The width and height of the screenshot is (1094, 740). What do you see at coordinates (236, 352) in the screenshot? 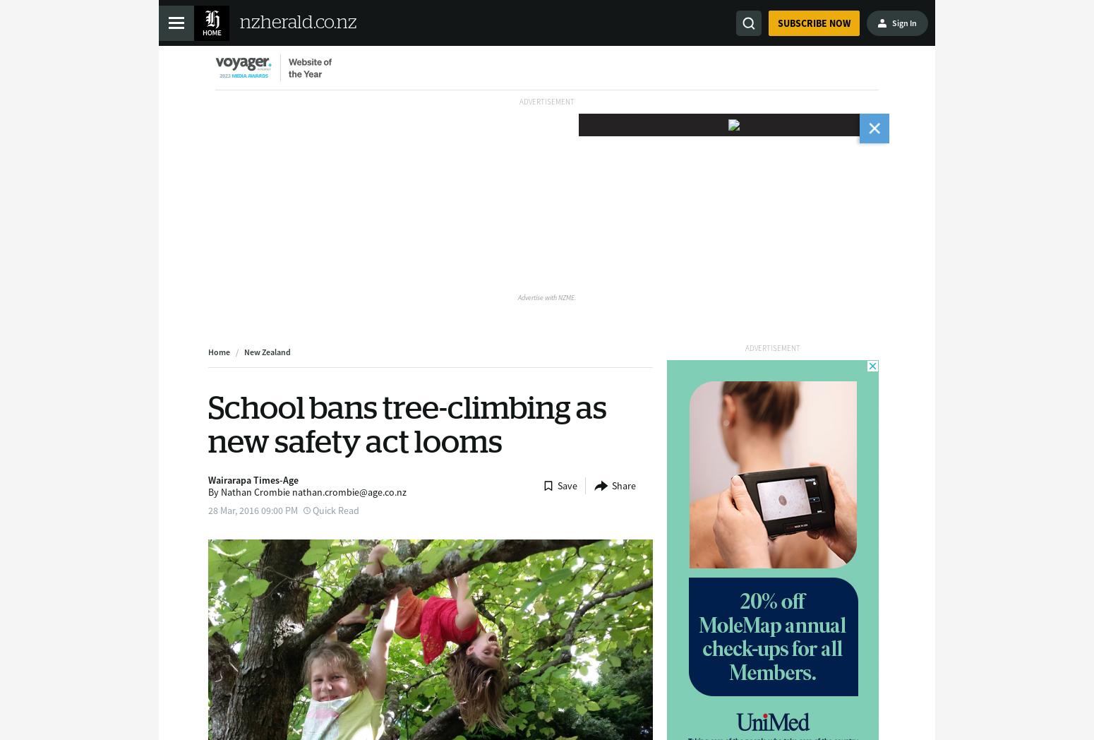
I see `'/'` at bounding box center [236, 352].